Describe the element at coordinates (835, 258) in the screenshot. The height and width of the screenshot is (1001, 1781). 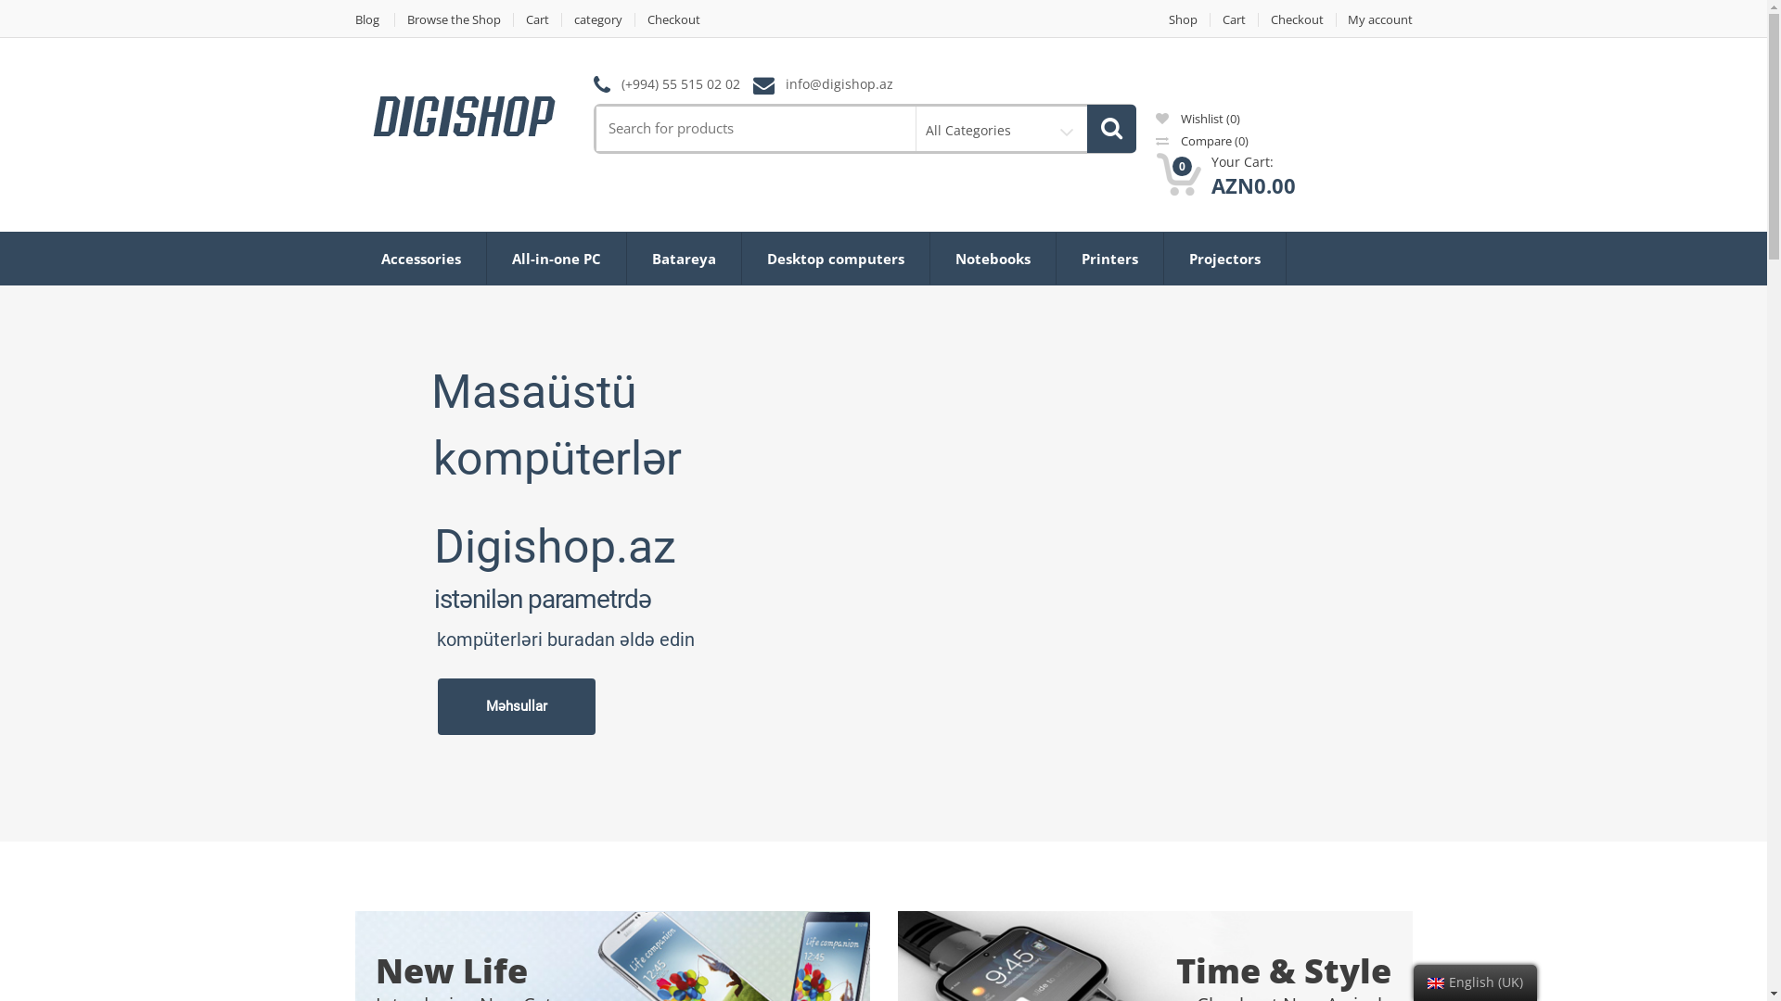
I see `'Desktop computers'` at that location.